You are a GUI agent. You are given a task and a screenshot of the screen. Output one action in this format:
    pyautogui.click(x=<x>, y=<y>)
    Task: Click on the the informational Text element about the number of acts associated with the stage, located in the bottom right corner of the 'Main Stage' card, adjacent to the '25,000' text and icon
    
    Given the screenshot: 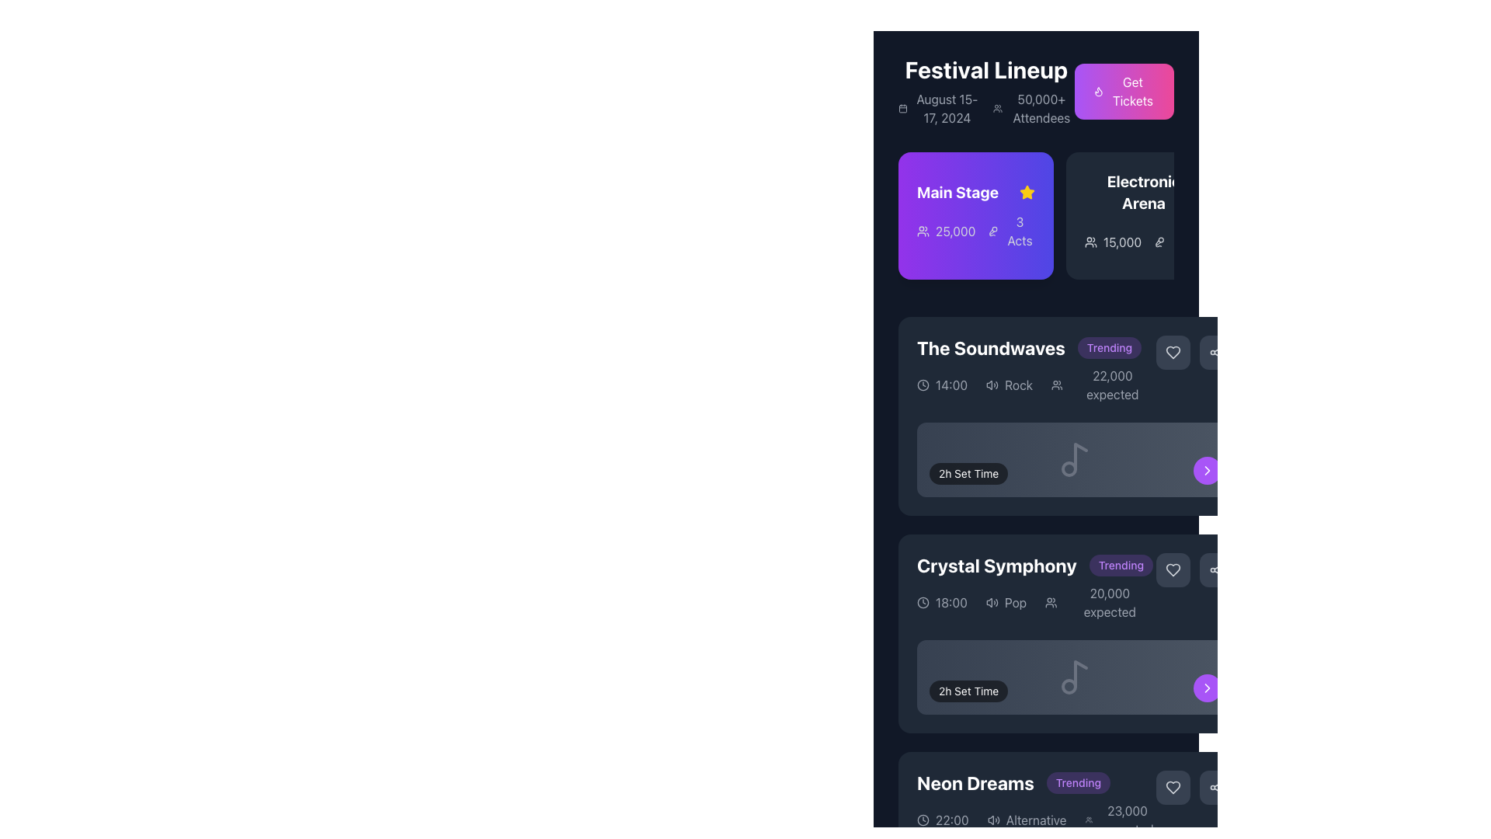 What is the action you would take?
    pyautogui.click(x=1011, y=231)
    